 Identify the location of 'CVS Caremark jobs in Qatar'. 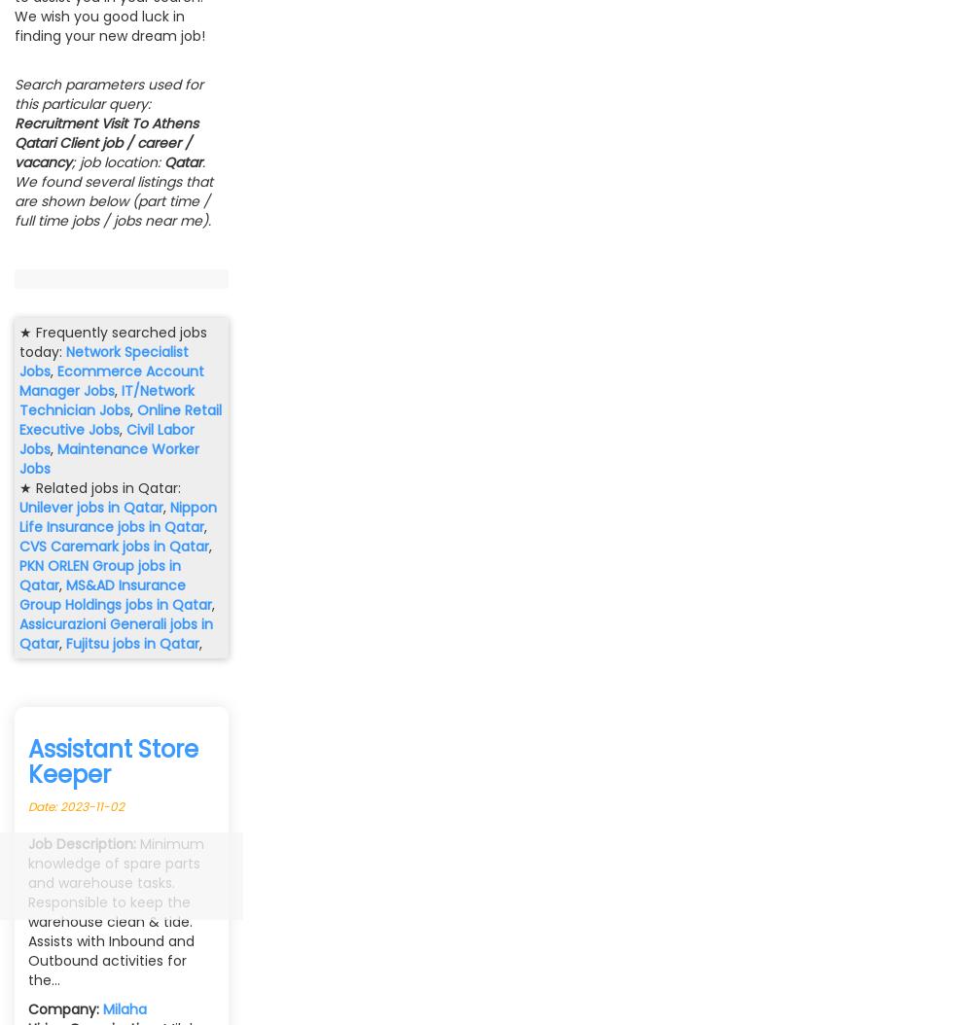
(113, 546).